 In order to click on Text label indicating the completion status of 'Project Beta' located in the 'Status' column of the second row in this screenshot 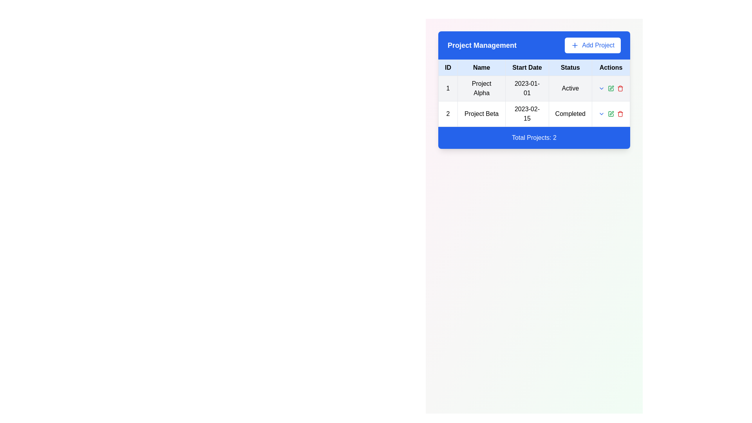, I will do `click(570, 114)`.